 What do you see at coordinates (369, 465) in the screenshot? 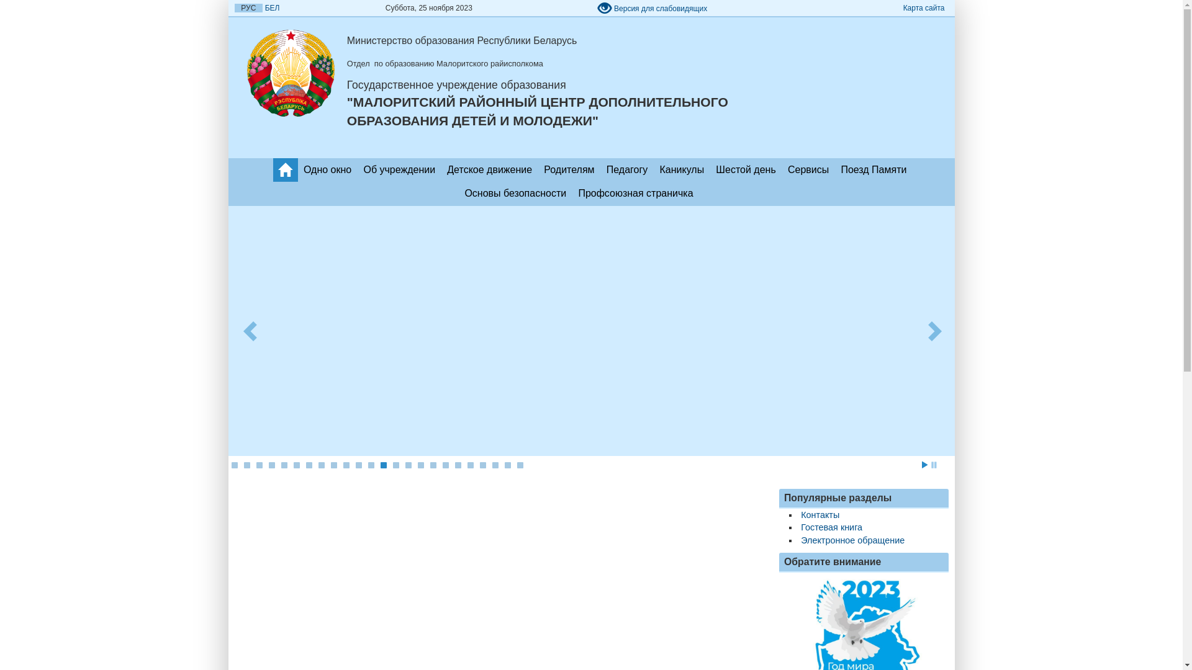
I see `'12'` at bounding box center [369, 465].